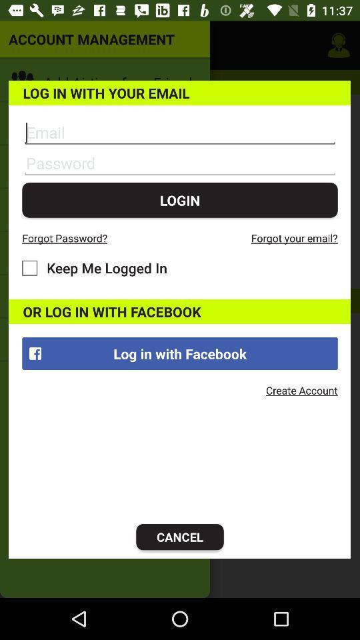 The image size is (360, 640). I want to click on create account icon, so click(301, 390).